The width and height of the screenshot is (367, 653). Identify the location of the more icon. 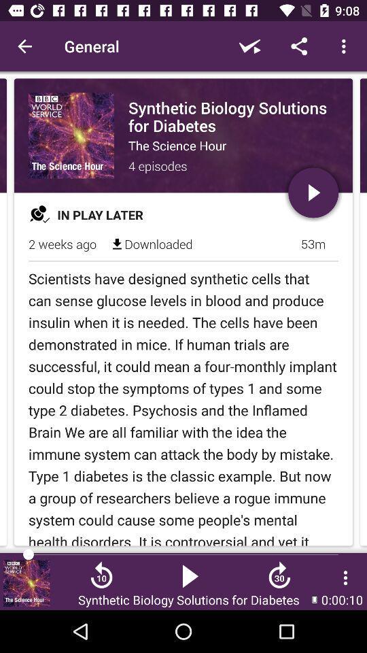
(345, 577).